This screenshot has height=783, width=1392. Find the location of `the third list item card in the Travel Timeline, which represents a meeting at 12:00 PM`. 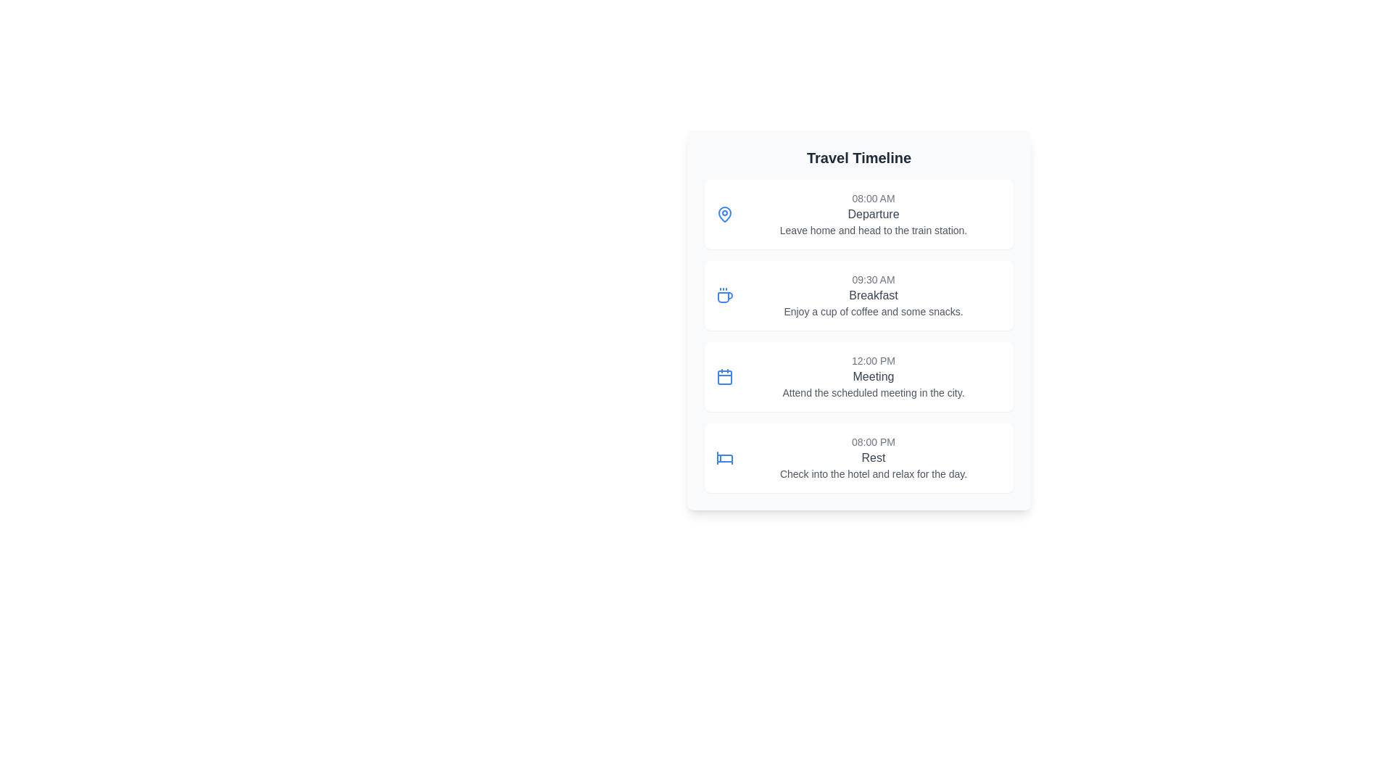

the third list item card in the Travel Timeline, which represents a meeting at 12:00 PM is located at coordinates (859, 376).